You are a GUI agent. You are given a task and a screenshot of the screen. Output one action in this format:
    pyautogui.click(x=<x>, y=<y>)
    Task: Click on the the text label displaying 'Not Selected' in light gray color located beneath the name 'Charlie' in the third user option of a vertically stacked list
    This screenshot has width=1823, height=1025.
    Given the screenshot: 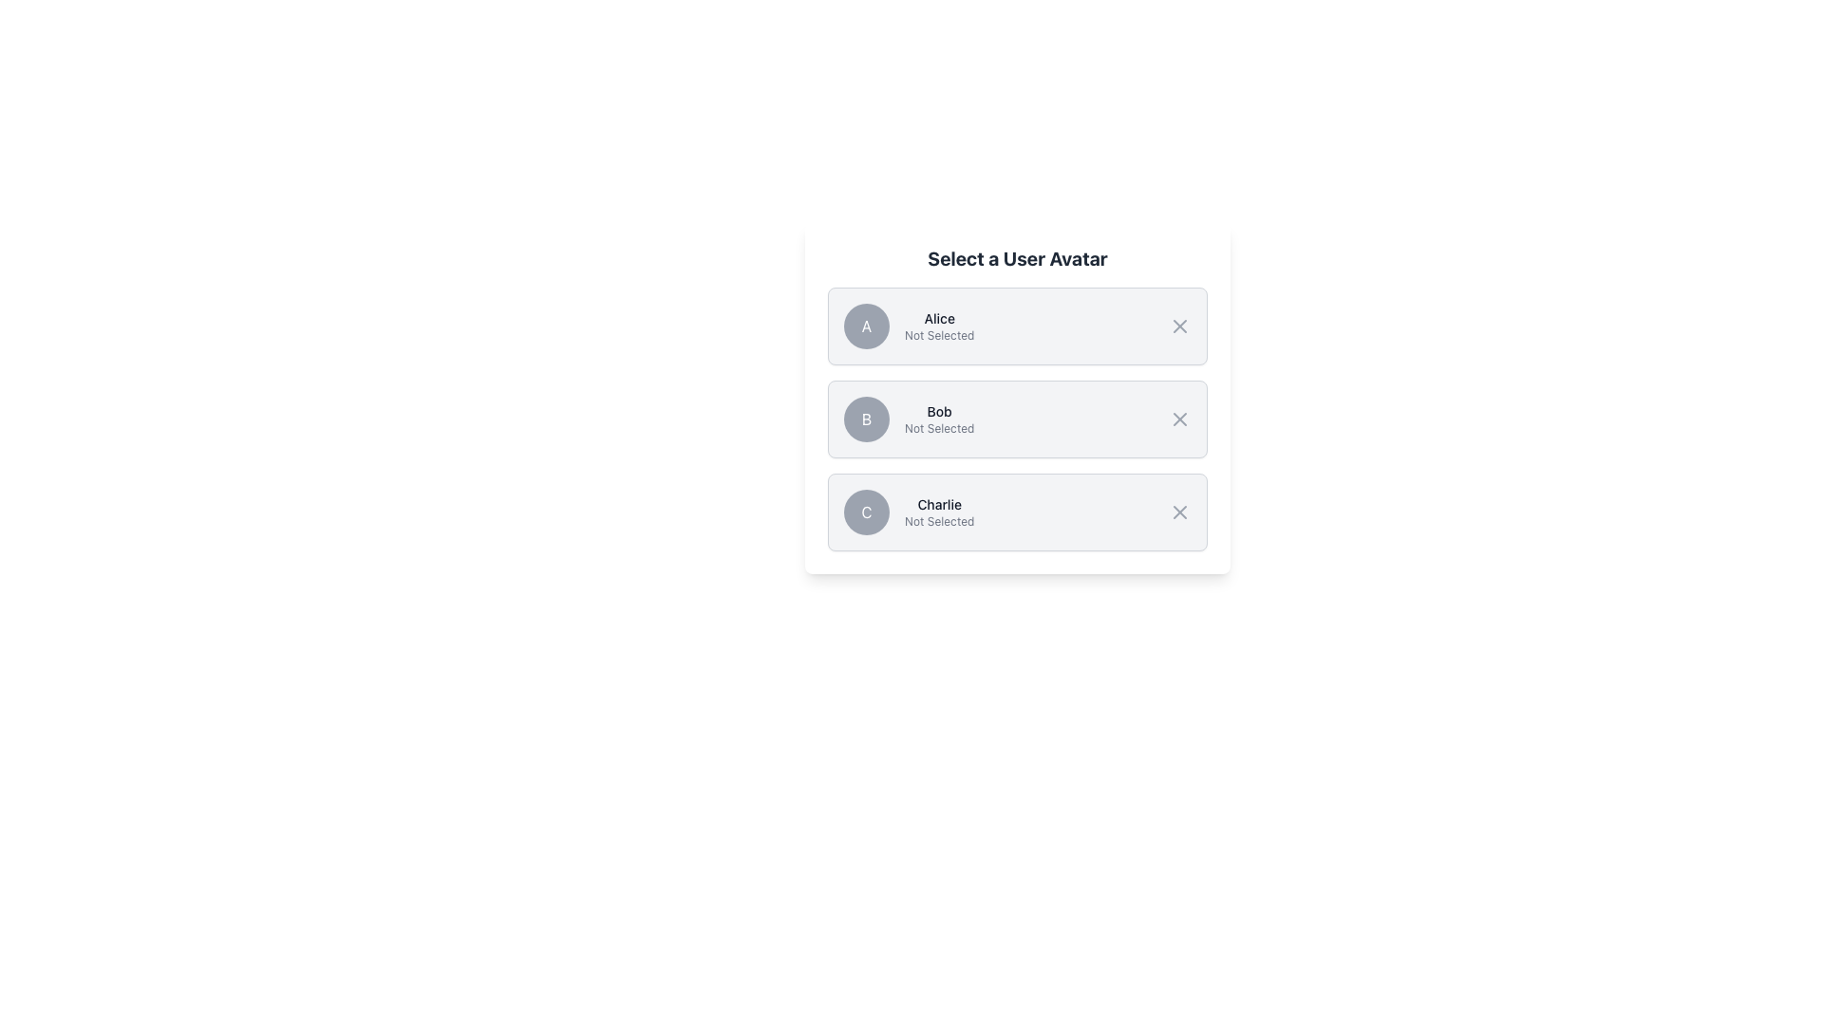 What is the action you would take?
    pyautogui.click(x=939, y=522)
    